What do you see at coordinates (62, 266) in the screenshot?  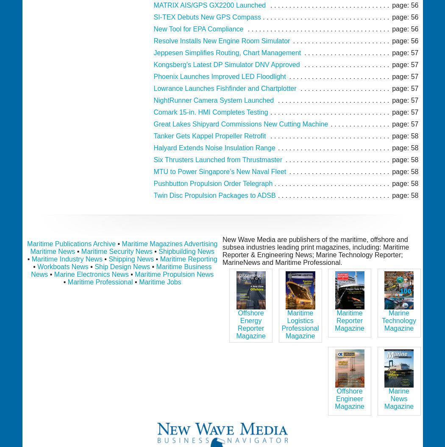 I see `'Workboats News'` at bounding box center [62, 266].